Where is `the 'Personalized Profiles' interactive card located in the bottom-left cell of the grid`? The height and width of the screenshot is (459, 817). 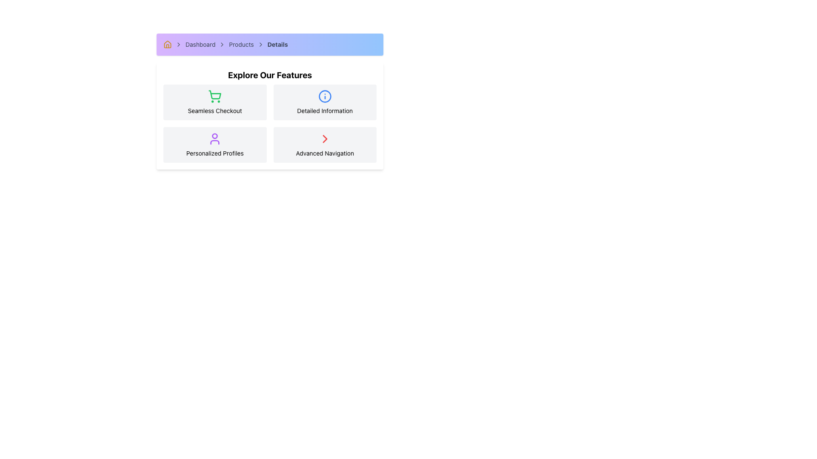 the 'Personalized Profiles' interactive card located in the bottom-left cell of the grid is located at coordinates (214, 144).